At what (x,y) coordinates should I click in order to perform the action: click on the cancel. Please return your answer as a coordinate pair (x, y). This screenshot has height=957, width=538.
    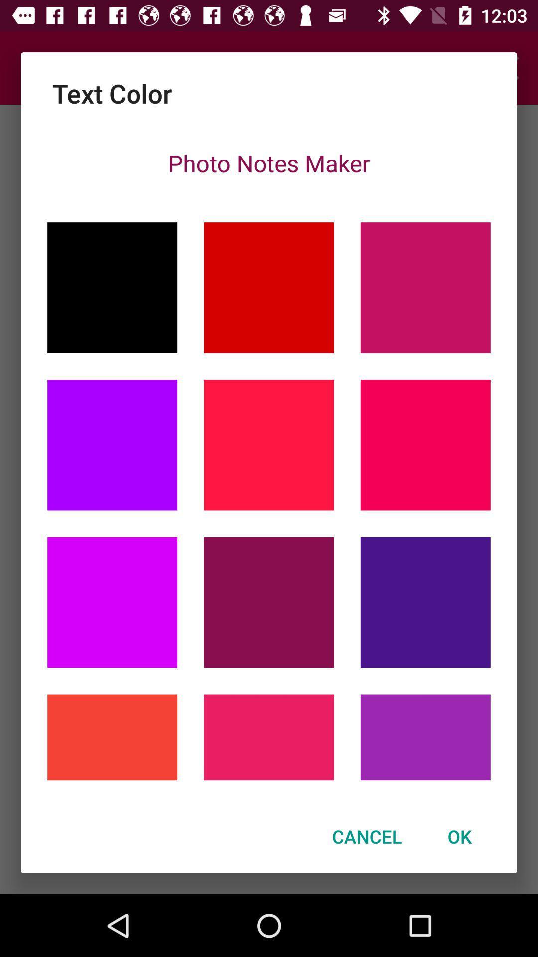
    Looking at the image, I should click on (367, 836).